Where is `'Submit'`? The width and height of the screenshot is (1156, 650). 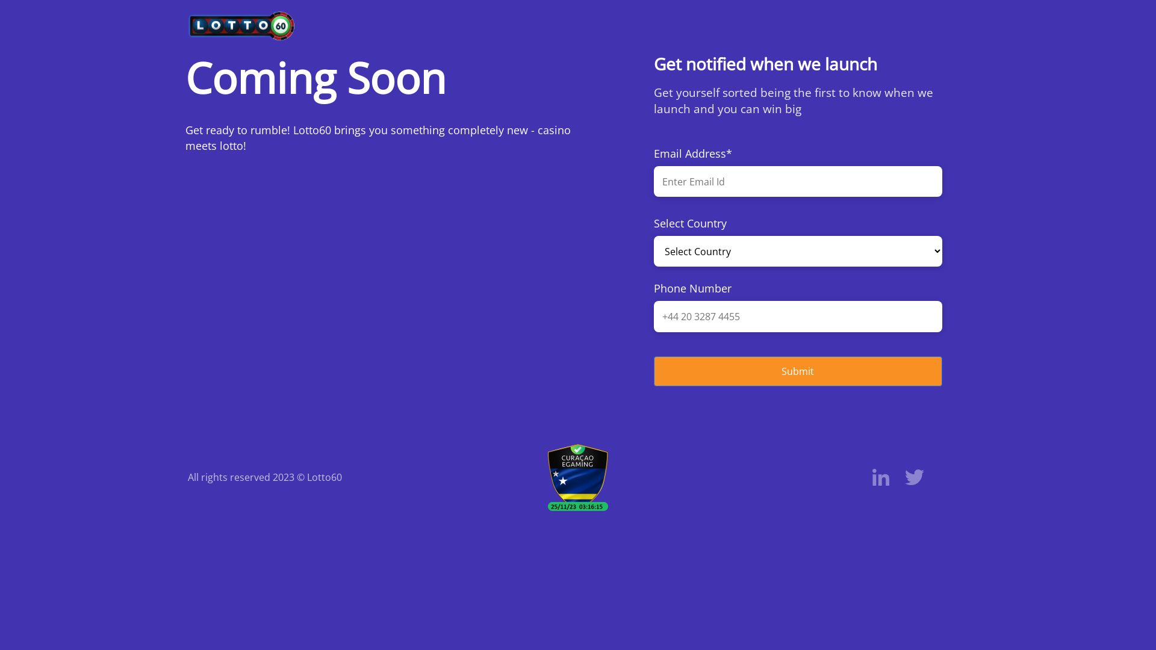 'Submit' is located at coordinates (798, 352).